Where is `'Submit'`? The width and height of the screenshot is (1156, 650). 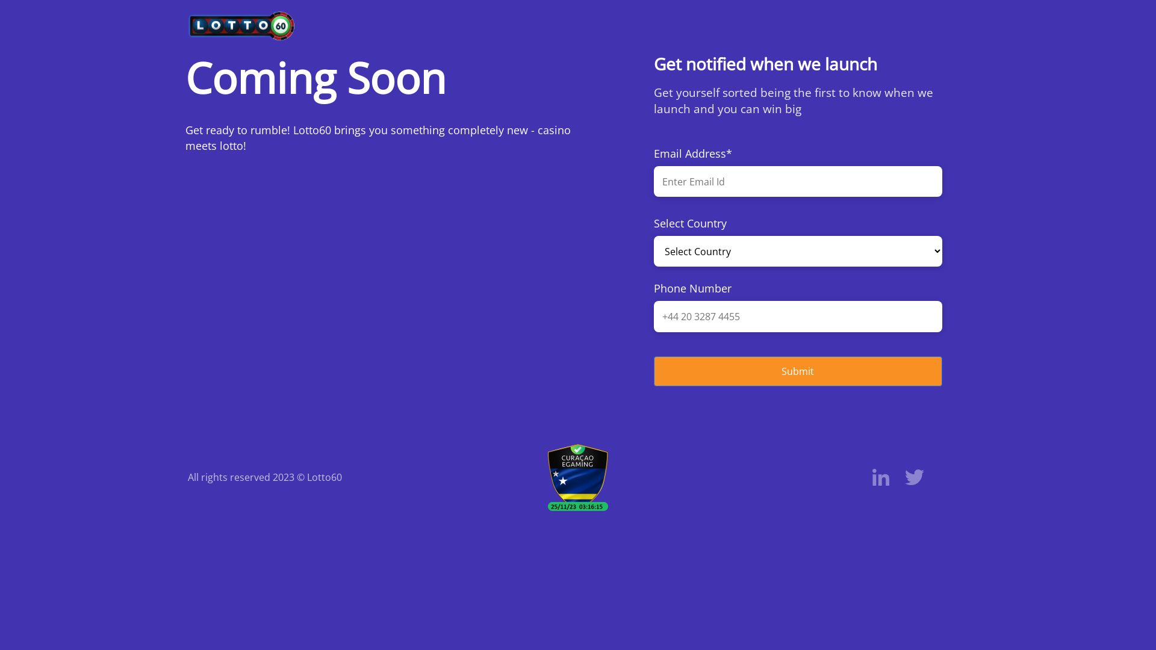 'Submit' is located at coordinates (798, 352).